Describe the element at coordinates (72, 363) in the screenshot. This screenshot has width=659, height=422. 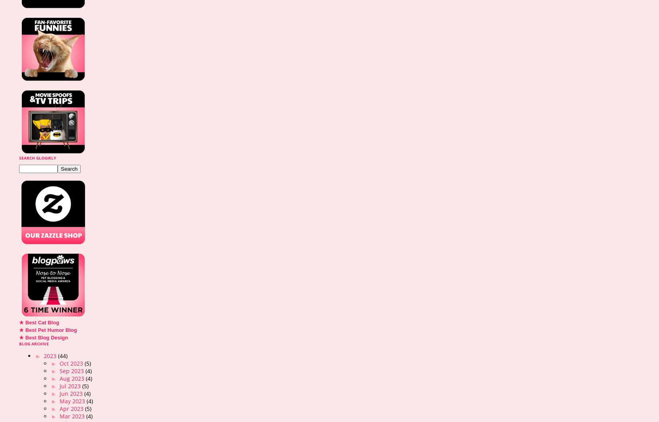
I see `'Oct 2023'` at that location.